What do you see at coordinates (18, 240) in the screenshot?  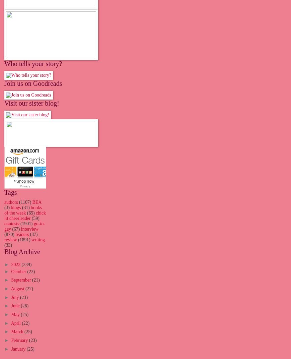 I see `'(1891)'` at bounding box center [18, 240].